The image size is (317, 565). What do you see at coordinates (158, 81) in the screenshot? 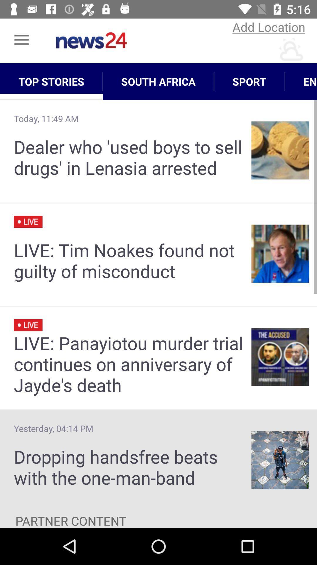
I see `the icon above the dealer who used` at bounding box center [158, 81].